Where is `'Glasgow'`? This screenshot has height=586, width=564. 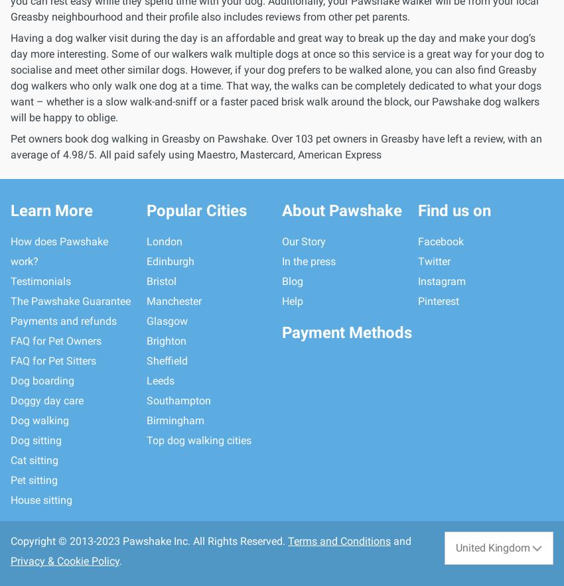 'Glasgow' is located at coordinates (145, 320).